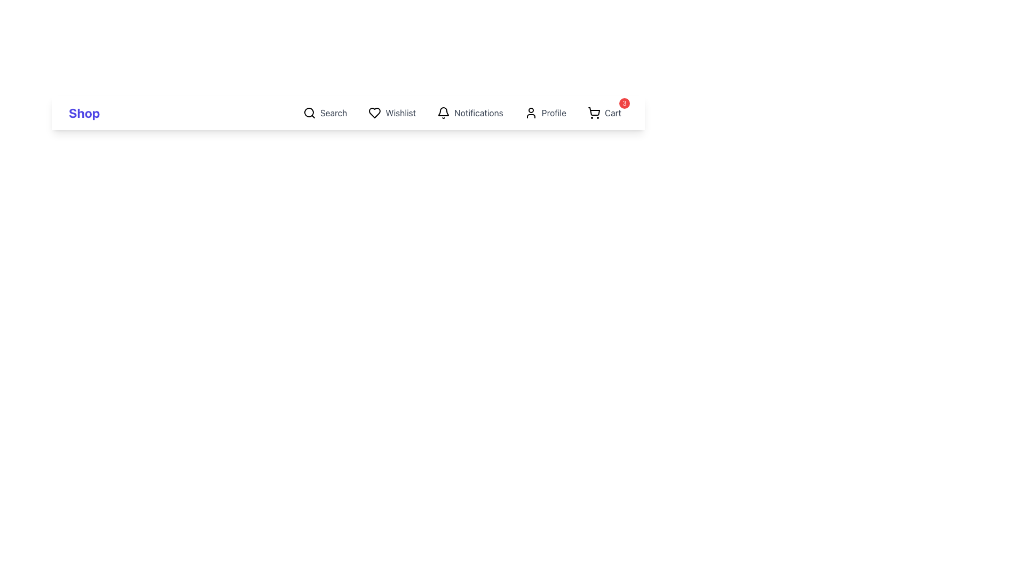 This screenshot has width=1025, height=576. Describe the element at coordinates (444, 111) in the screenshot. I see `the notification bell icon located centrally between the 'Wishlist' and 'Profile' options in the top navigation bar` at that location.